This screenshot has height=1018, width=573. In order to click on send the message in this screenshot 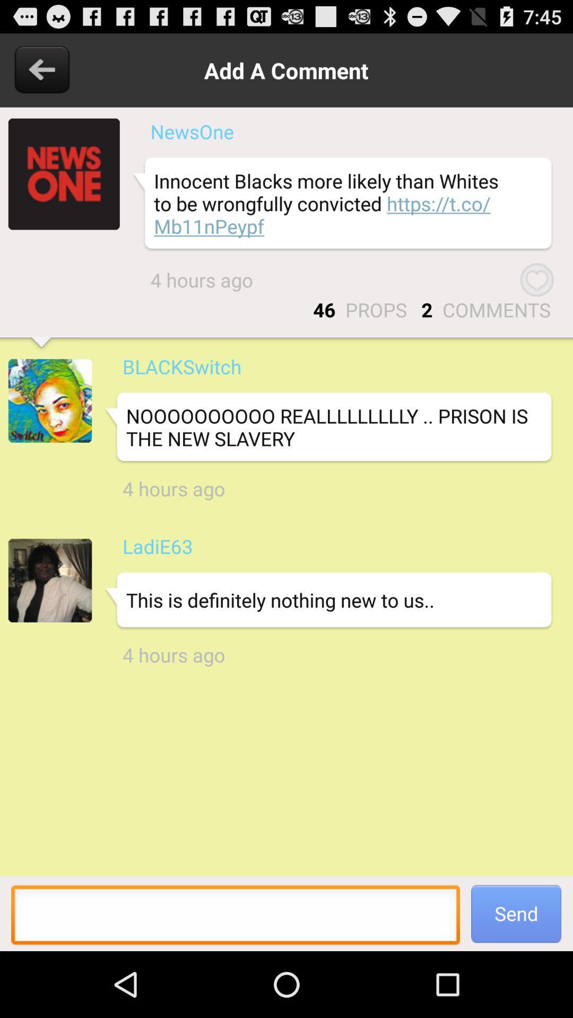, I will do `click(235, 917)`.